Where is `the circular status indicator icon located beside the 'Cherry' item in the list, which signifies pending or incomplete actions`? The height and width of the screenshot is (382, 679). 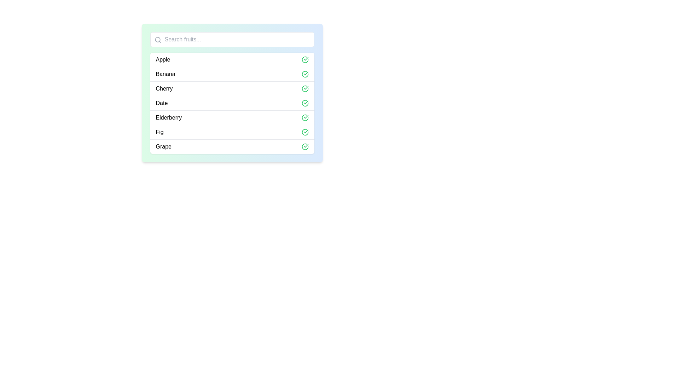 the circular status indicator icon located beside the 'Cherry' item in the list, which signifies pending or incomplete actions is located at coordinates (305, 88).